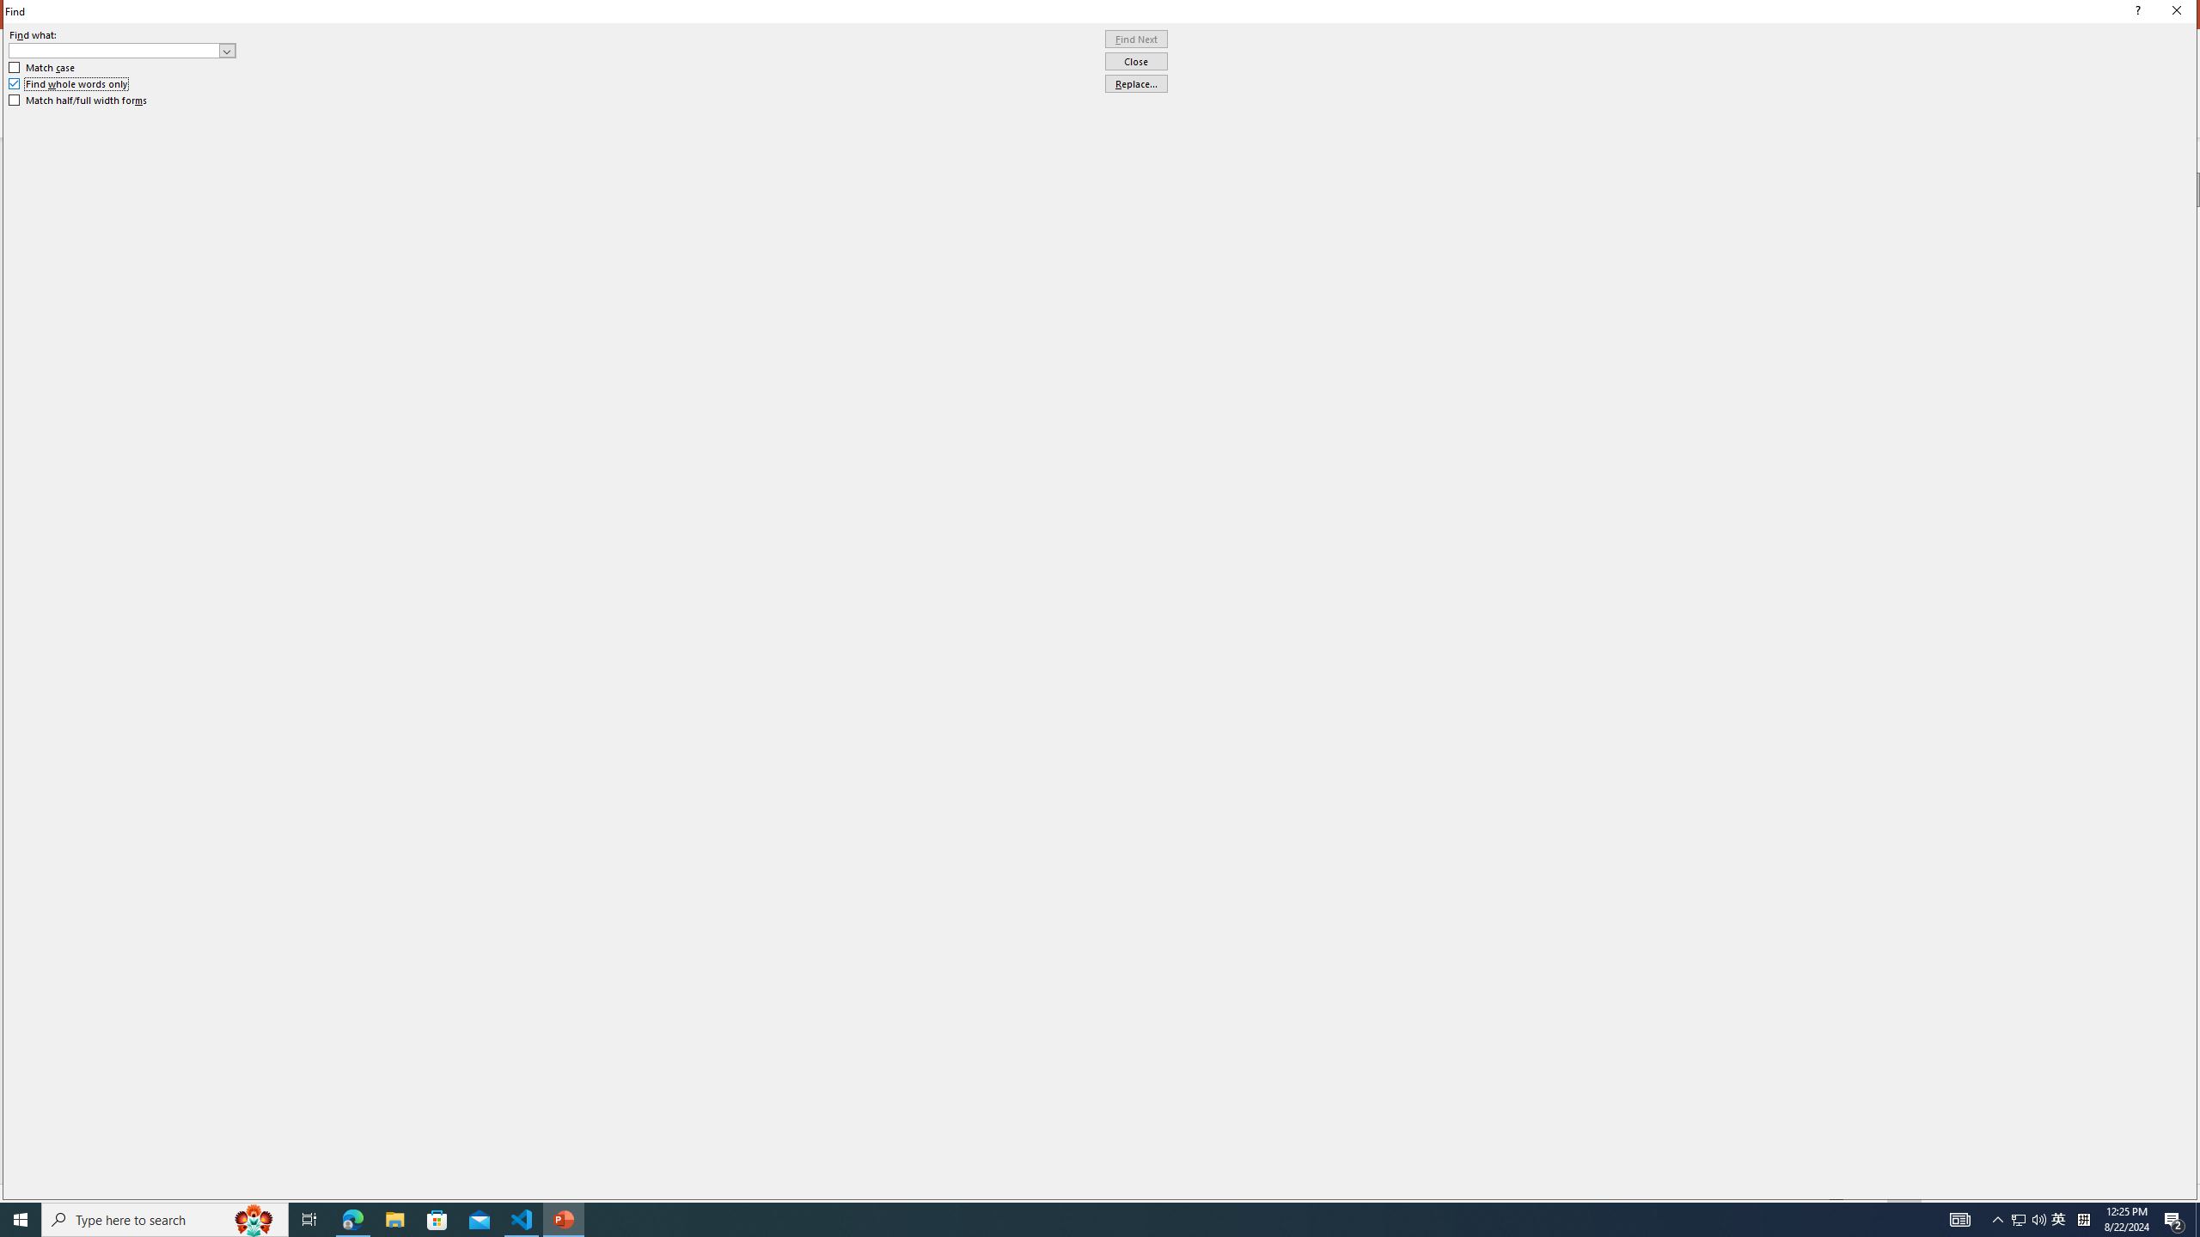  Describe the element at coordinates (41, 66) in the screenshot. I see `'Match case'` at that location.